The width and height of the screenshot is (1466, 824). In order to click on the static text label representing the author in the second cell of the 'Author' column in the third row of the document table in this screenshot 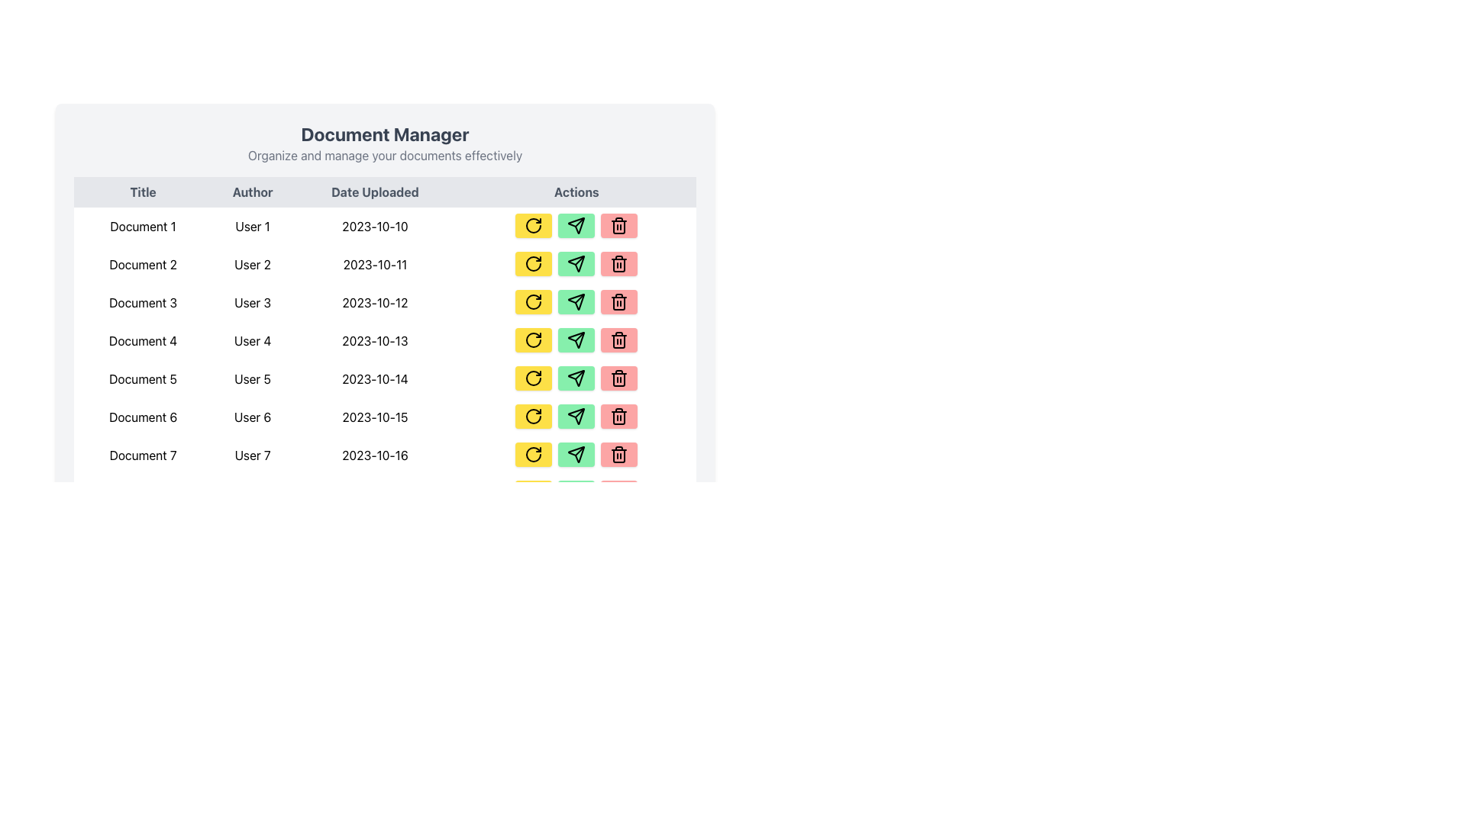, I will do `click(253, 303)`.